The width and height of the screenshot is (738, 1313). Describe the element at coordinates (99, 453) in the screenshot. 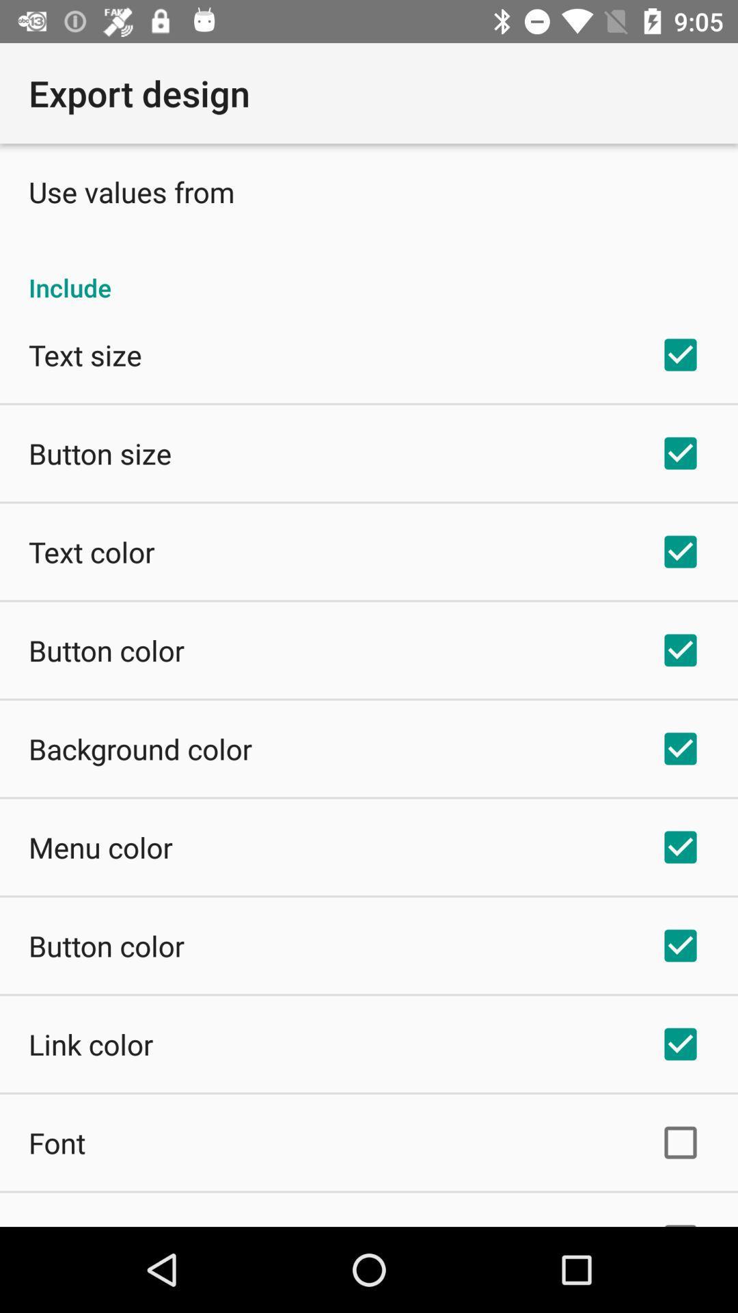

I see `button size` at that location.